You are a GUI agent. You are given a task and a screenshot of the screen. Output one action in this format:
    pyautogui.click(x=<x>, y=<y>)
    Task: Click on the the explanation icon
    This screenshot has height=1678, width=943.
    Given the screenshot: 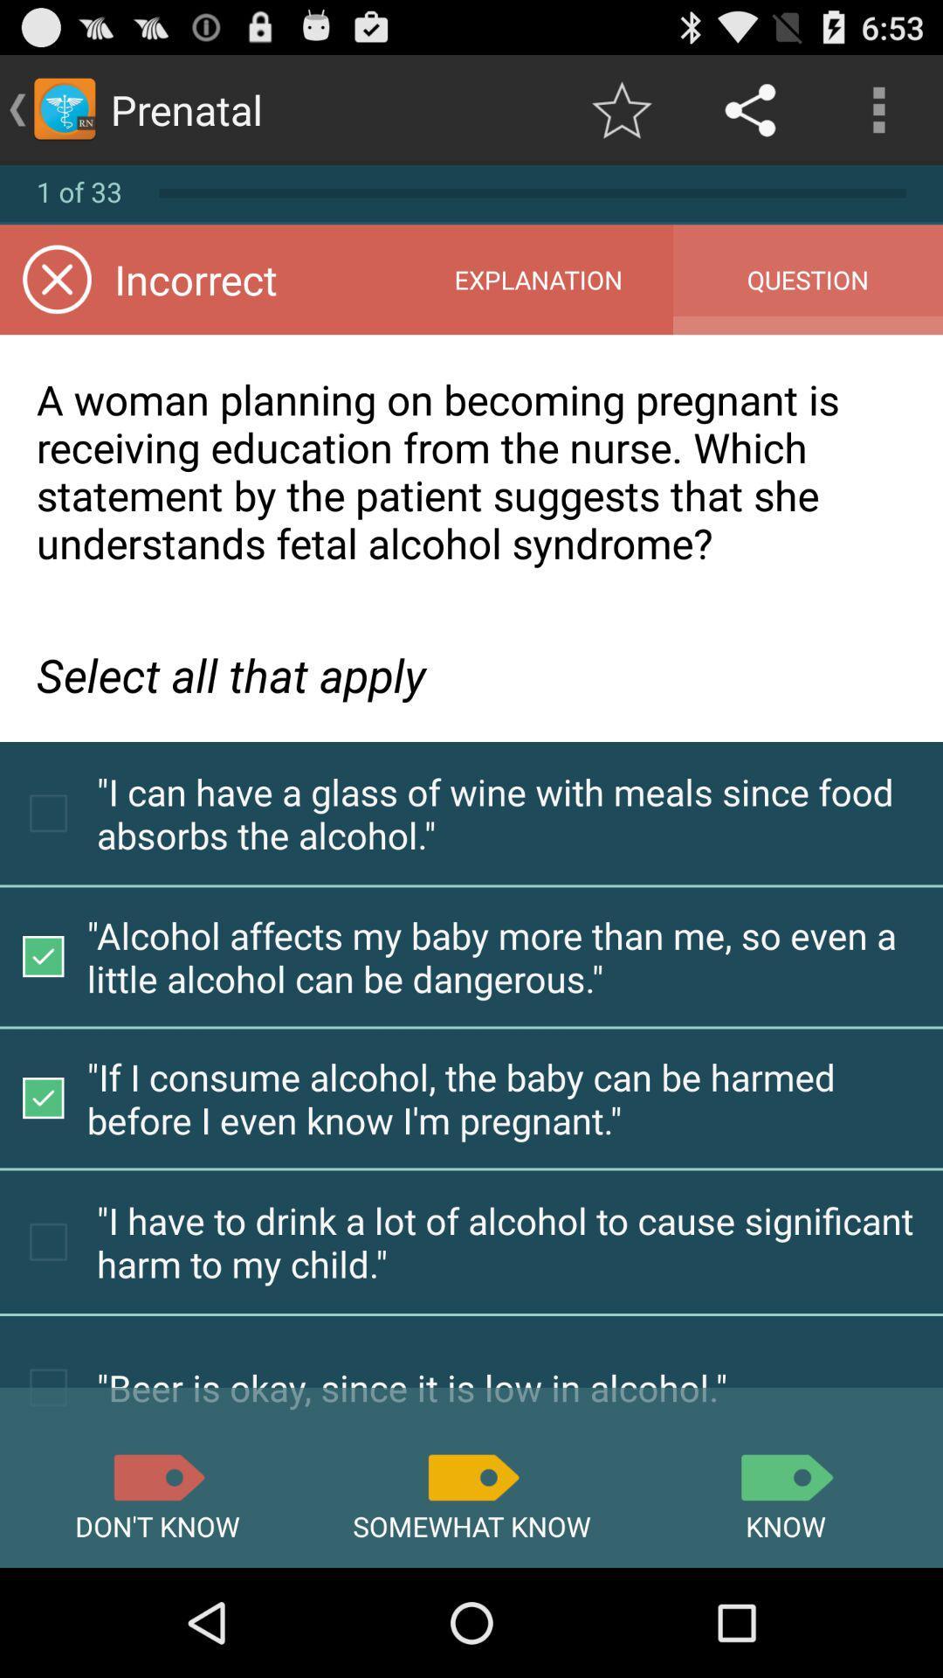 What is the action you would take?
    pyautogui.click(x=537, y=280)
    